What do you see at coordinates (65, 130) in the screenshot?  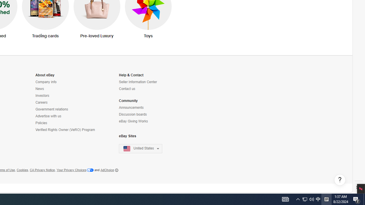 I see `'Verified Rights Owner (VeRO) Program'` at bounding box center [65, 130].